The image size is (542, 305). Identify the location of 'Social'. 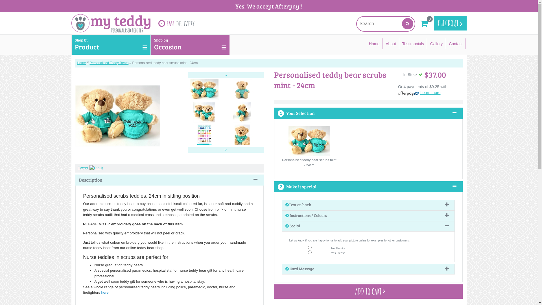
(368, 226).